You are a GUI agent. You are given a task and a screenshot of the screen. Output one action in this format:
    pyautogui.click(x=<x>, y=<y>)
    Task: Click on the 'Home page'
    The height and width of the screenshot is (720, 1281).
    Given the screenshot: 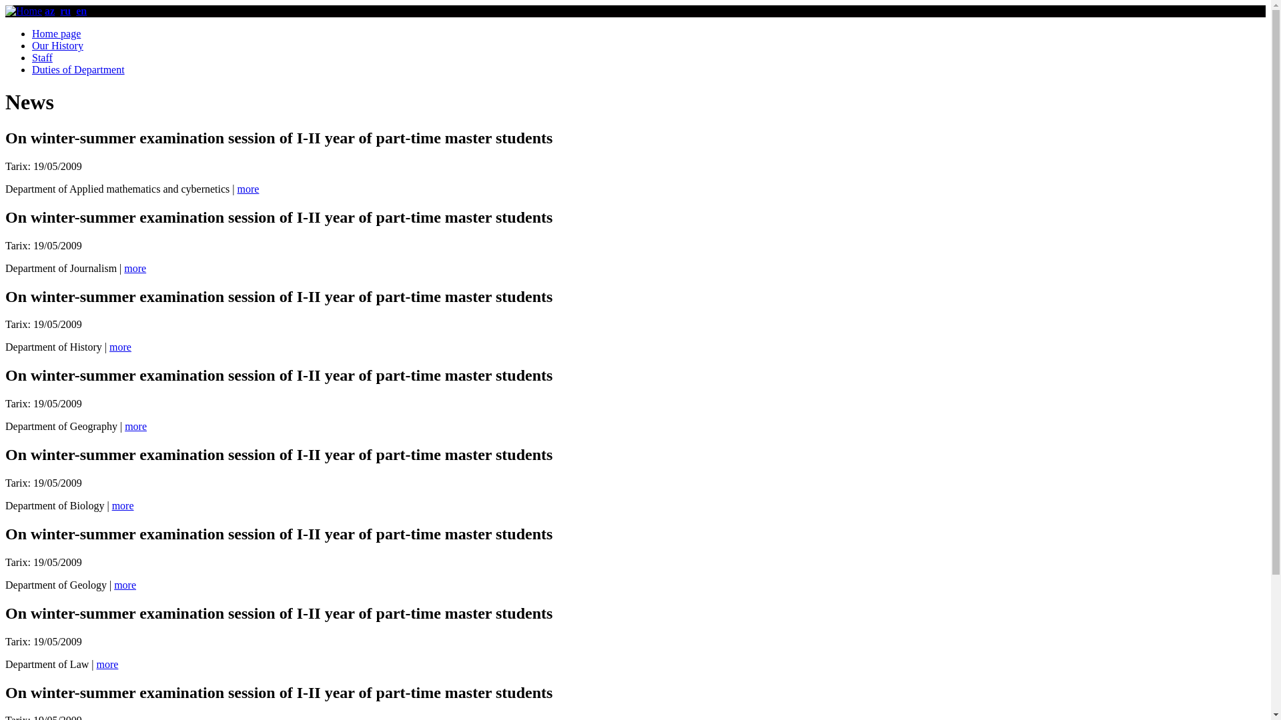 What is the action you would take?
    pyautogui.click(x=55, y=33)
    